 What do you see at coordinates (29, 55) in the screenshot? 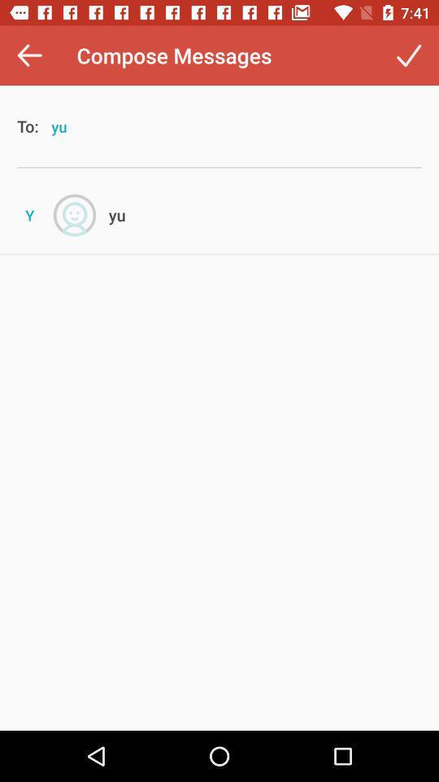
I see `the item to the left of the compose messages item` at bounding box center [29, 55].